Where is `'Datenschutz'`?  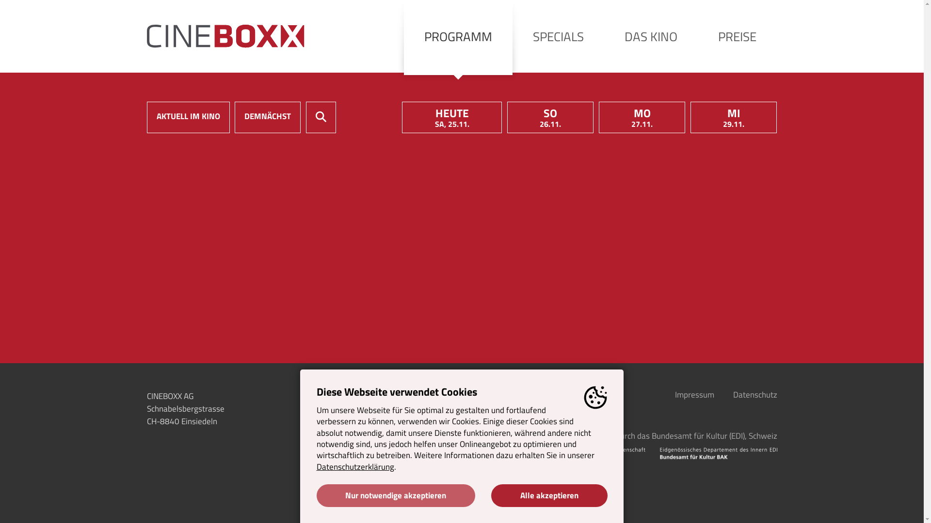 'Datenschutz' is located at coordinates (754, 394).